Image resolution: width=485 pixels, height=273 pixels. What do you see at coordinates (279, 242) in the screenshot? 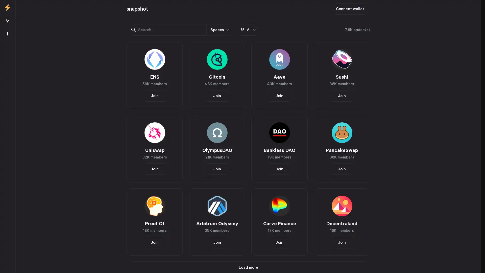
I see `Join` at bounding box center [279, 242].